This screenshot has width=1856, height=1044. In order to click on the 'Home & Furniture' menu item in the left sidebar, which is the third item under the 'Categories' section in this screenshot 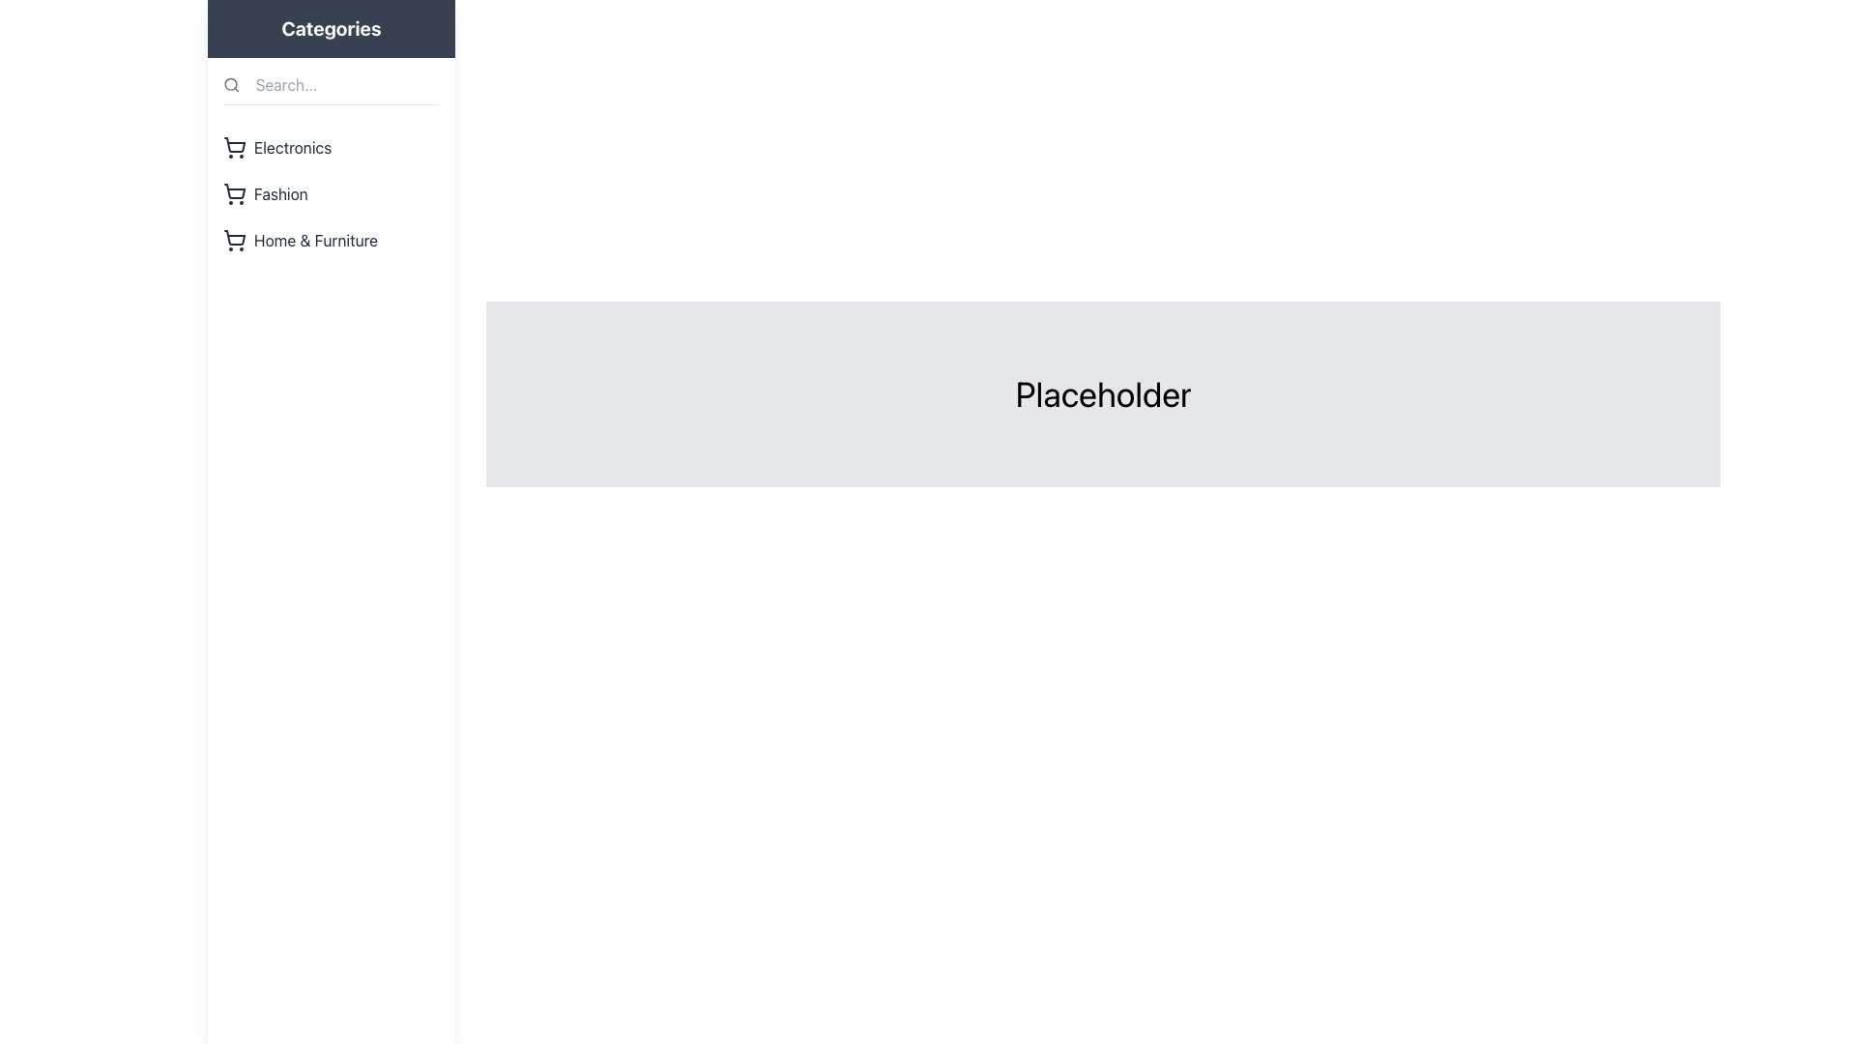, I will do `click(315, 240)`.